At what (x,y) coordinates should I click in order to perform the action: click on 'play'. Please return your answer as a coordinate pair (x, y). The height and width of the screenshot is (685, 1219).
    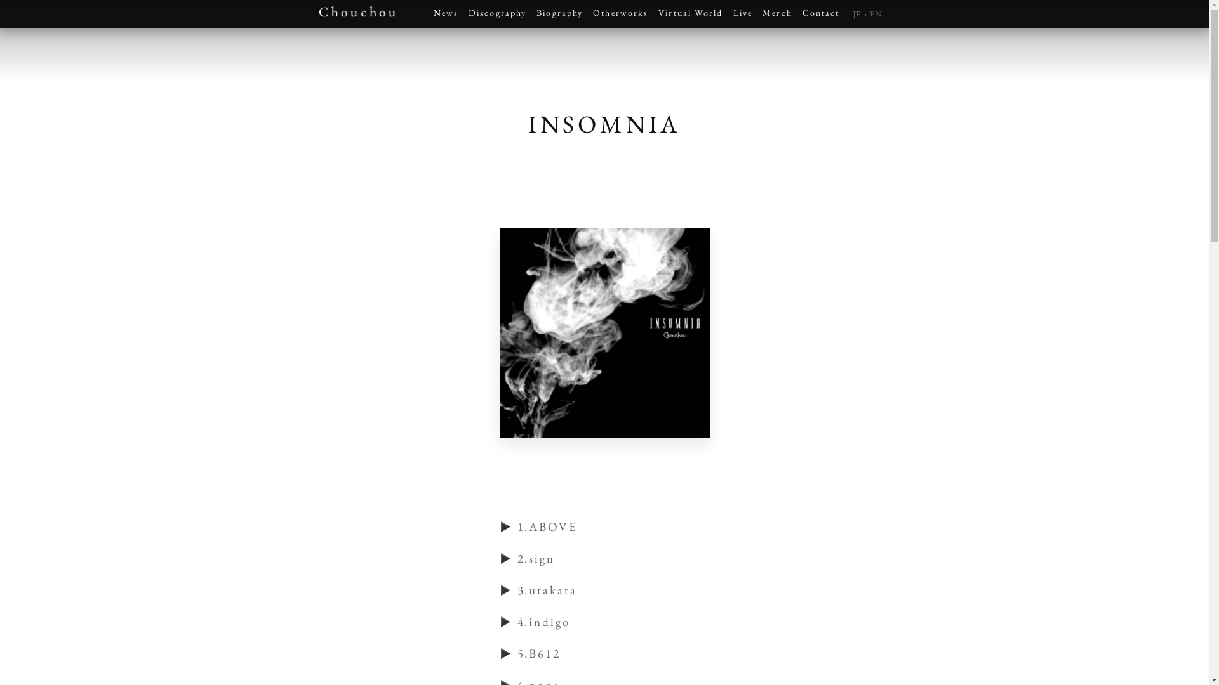
    Looking at the image, I should click on (496, 621).